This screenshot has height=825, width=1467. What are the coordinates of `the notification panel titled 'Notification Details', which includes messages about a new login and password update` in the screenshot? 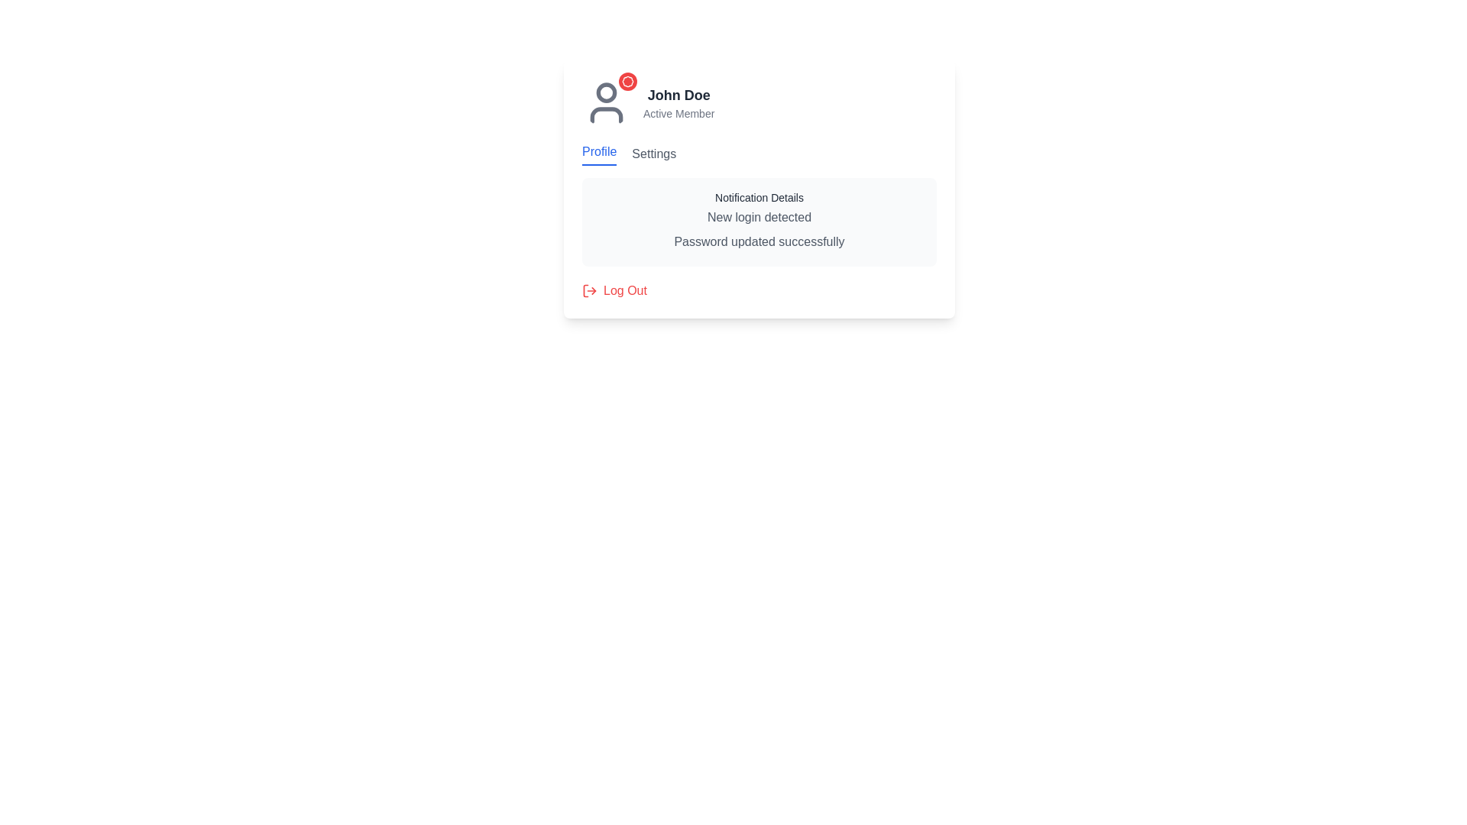 It's located at (759, 203).